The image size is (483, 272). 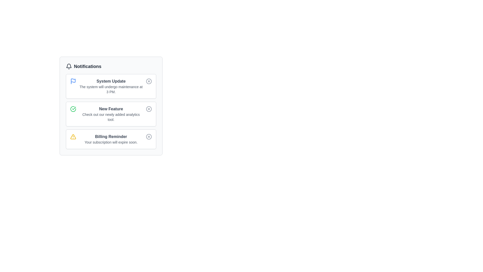 What do you see at coordinates (73, 81) in the screenshot?
I see `the small blue flag icon located at the top-left corner of the 'System Update' notification card` at bounding box center [73, 81].